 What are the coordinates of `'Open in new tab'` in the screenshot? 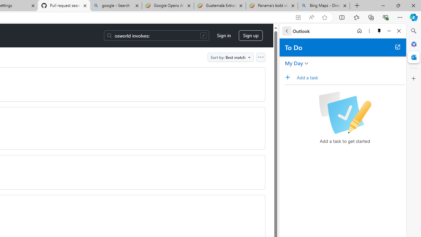 It's located at (397, 46).